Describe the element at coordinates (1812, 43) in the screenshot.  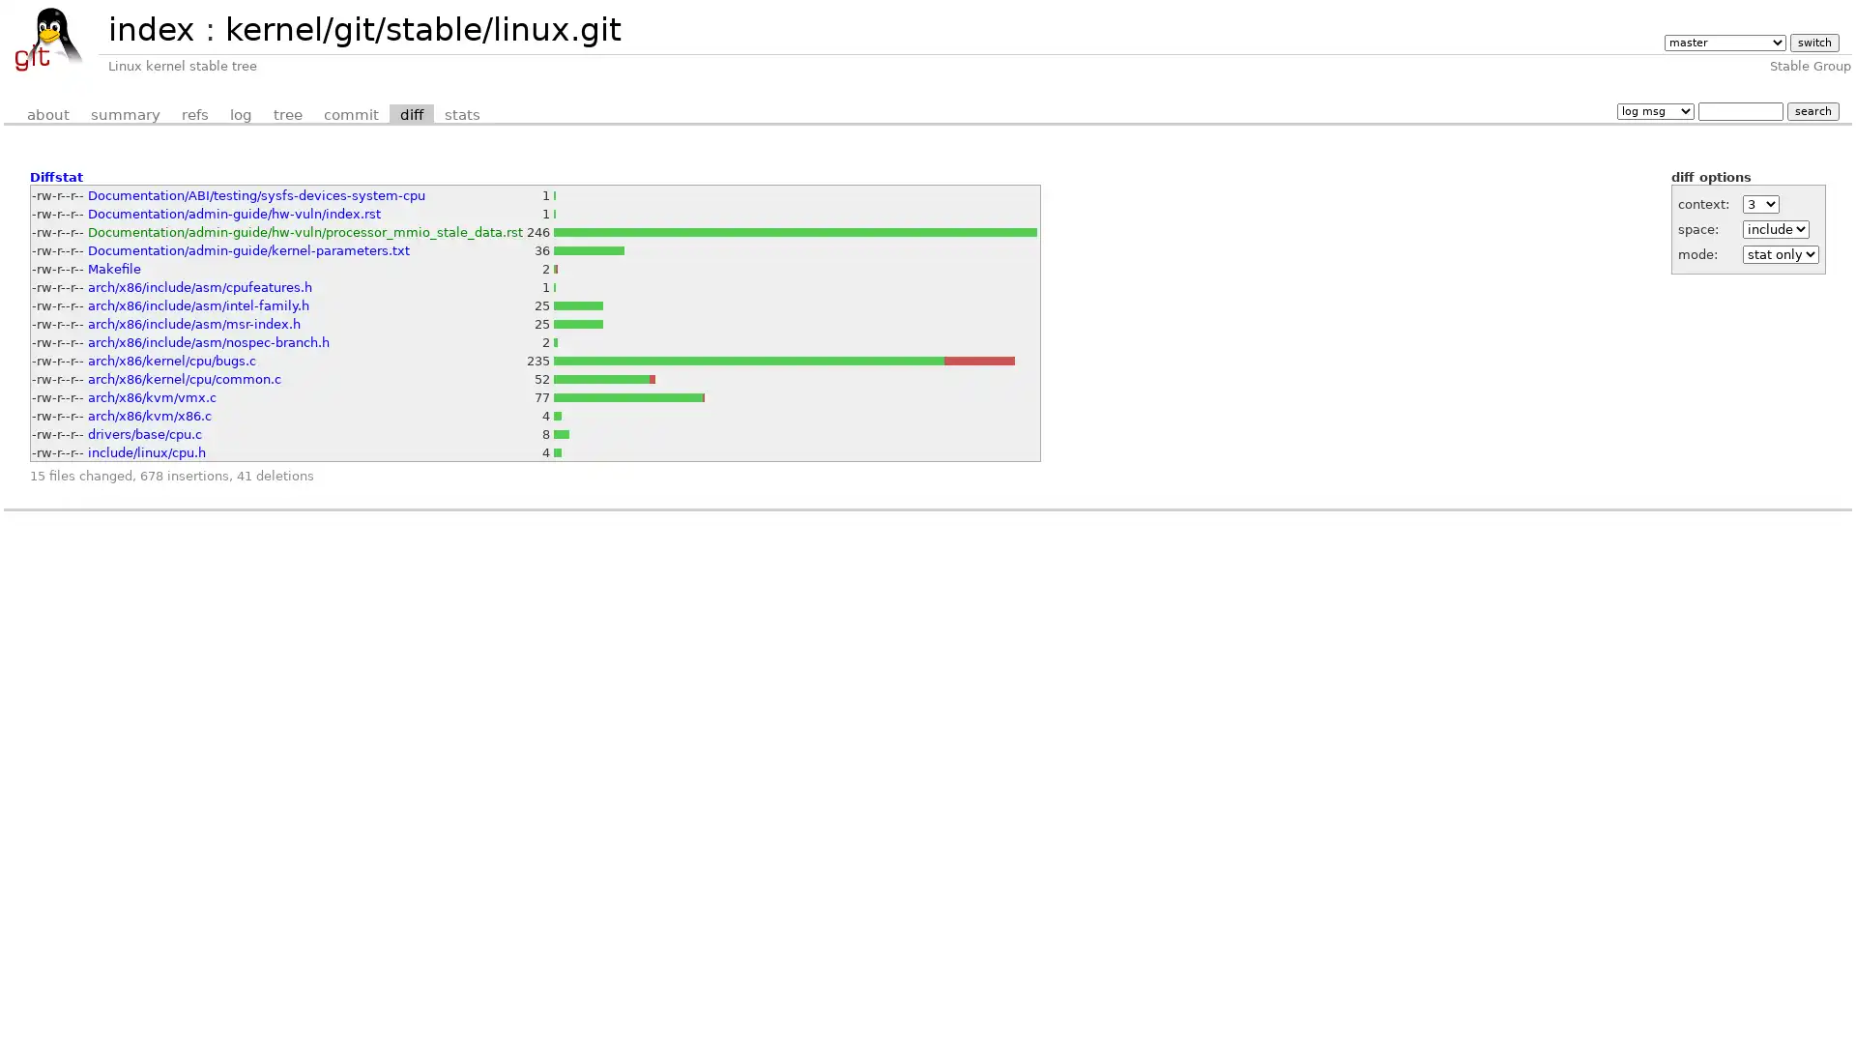
I see `switch` at that location.